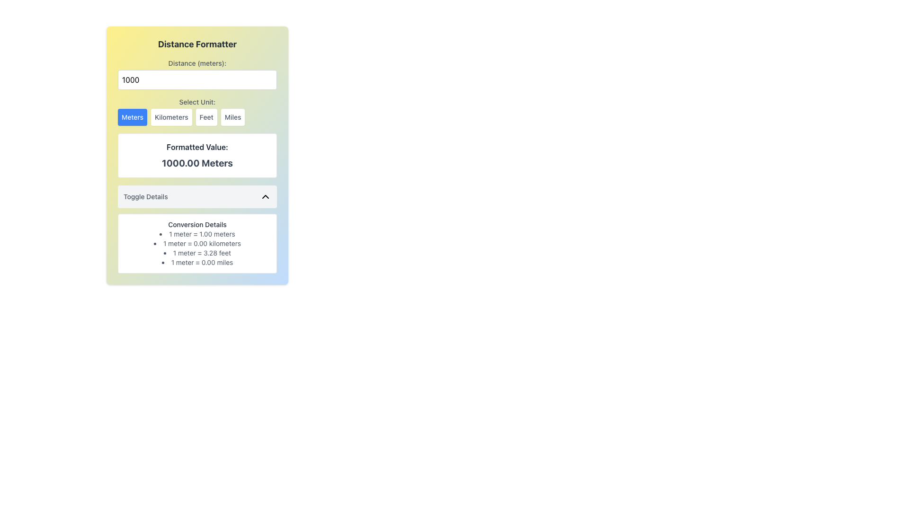 This screenshot has width=909, height=511. Describe the element at coordinates (197, 74) in the screenshot. I see `the labeled number input field for 'Distance (meters):' to focus on the input box` at that location.